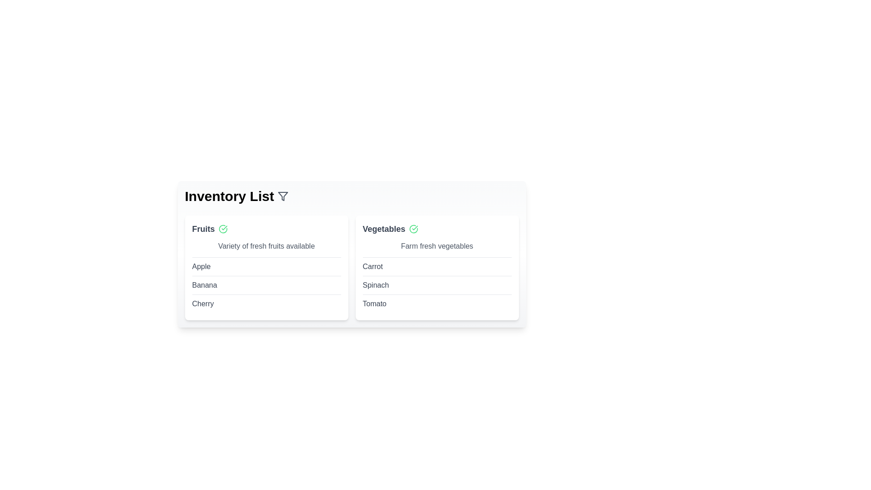 The height and width of the screenshot is (490, 871). I want to click on the category name Fruits to expand or interact with its content, so click(266, 229).